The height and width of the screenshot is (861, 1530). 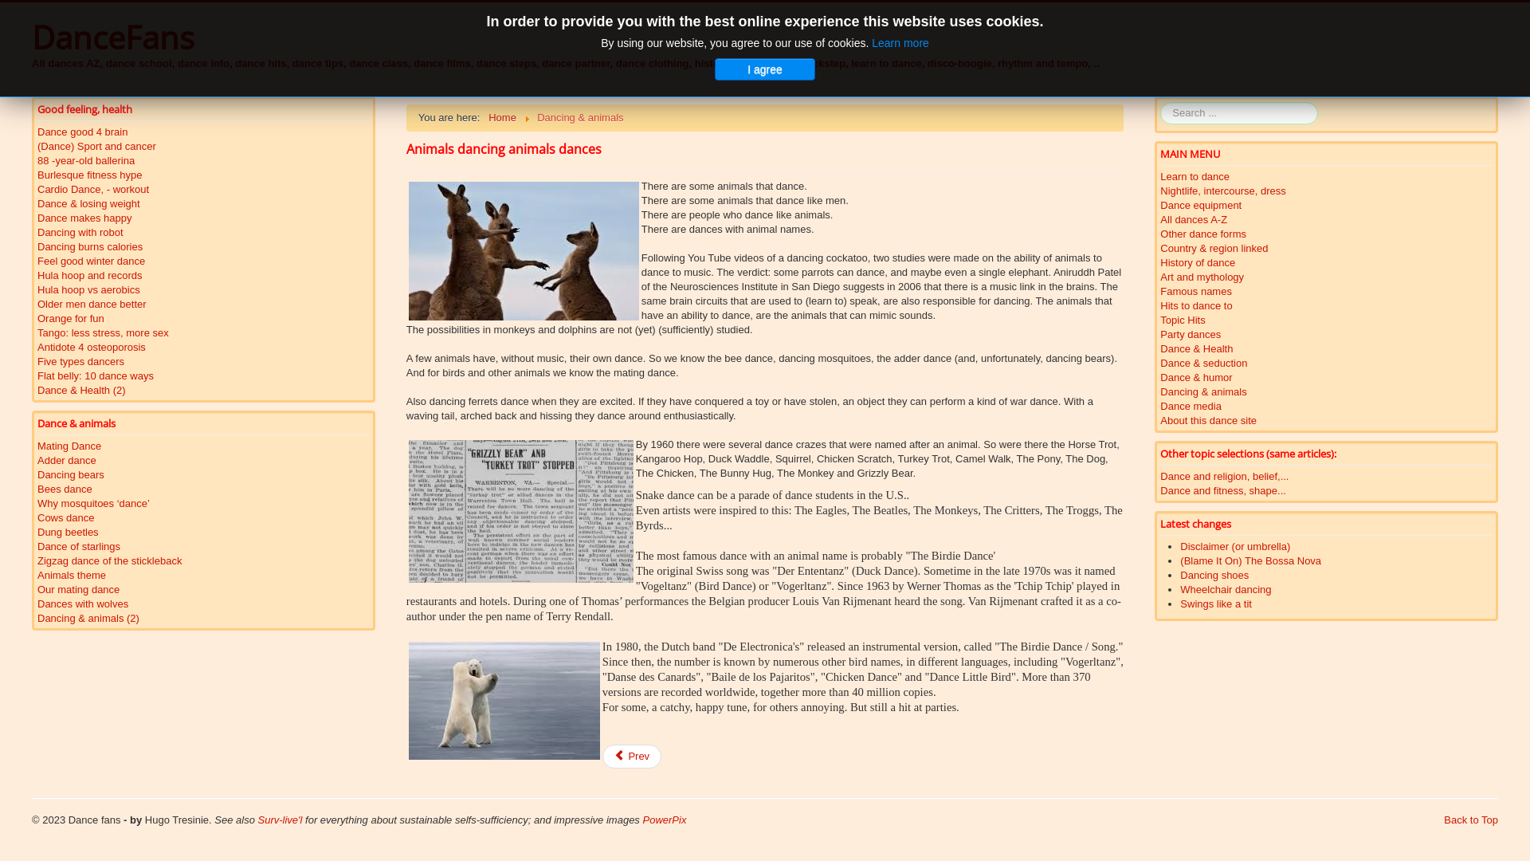 What do you see at coordinates (202, 488) in the screenshot?
I see `'Bees dance'` at bounding box center [202, 488].